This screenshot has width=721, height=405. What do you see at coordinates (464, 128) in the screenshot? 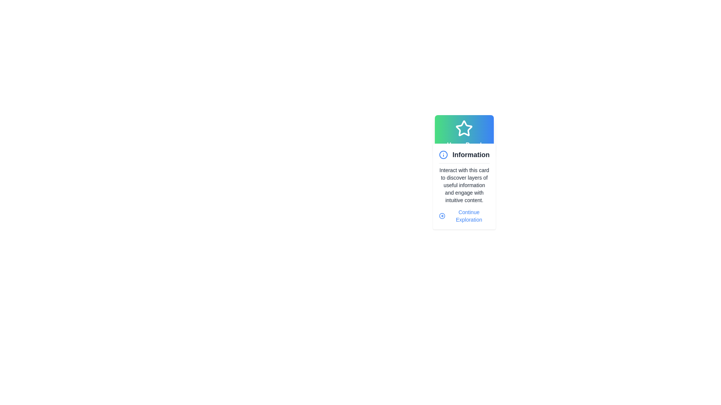
I see `the star icon located at the top area of the card interface, which signifies a rating or favorite status` at bounding box center [464, 128].